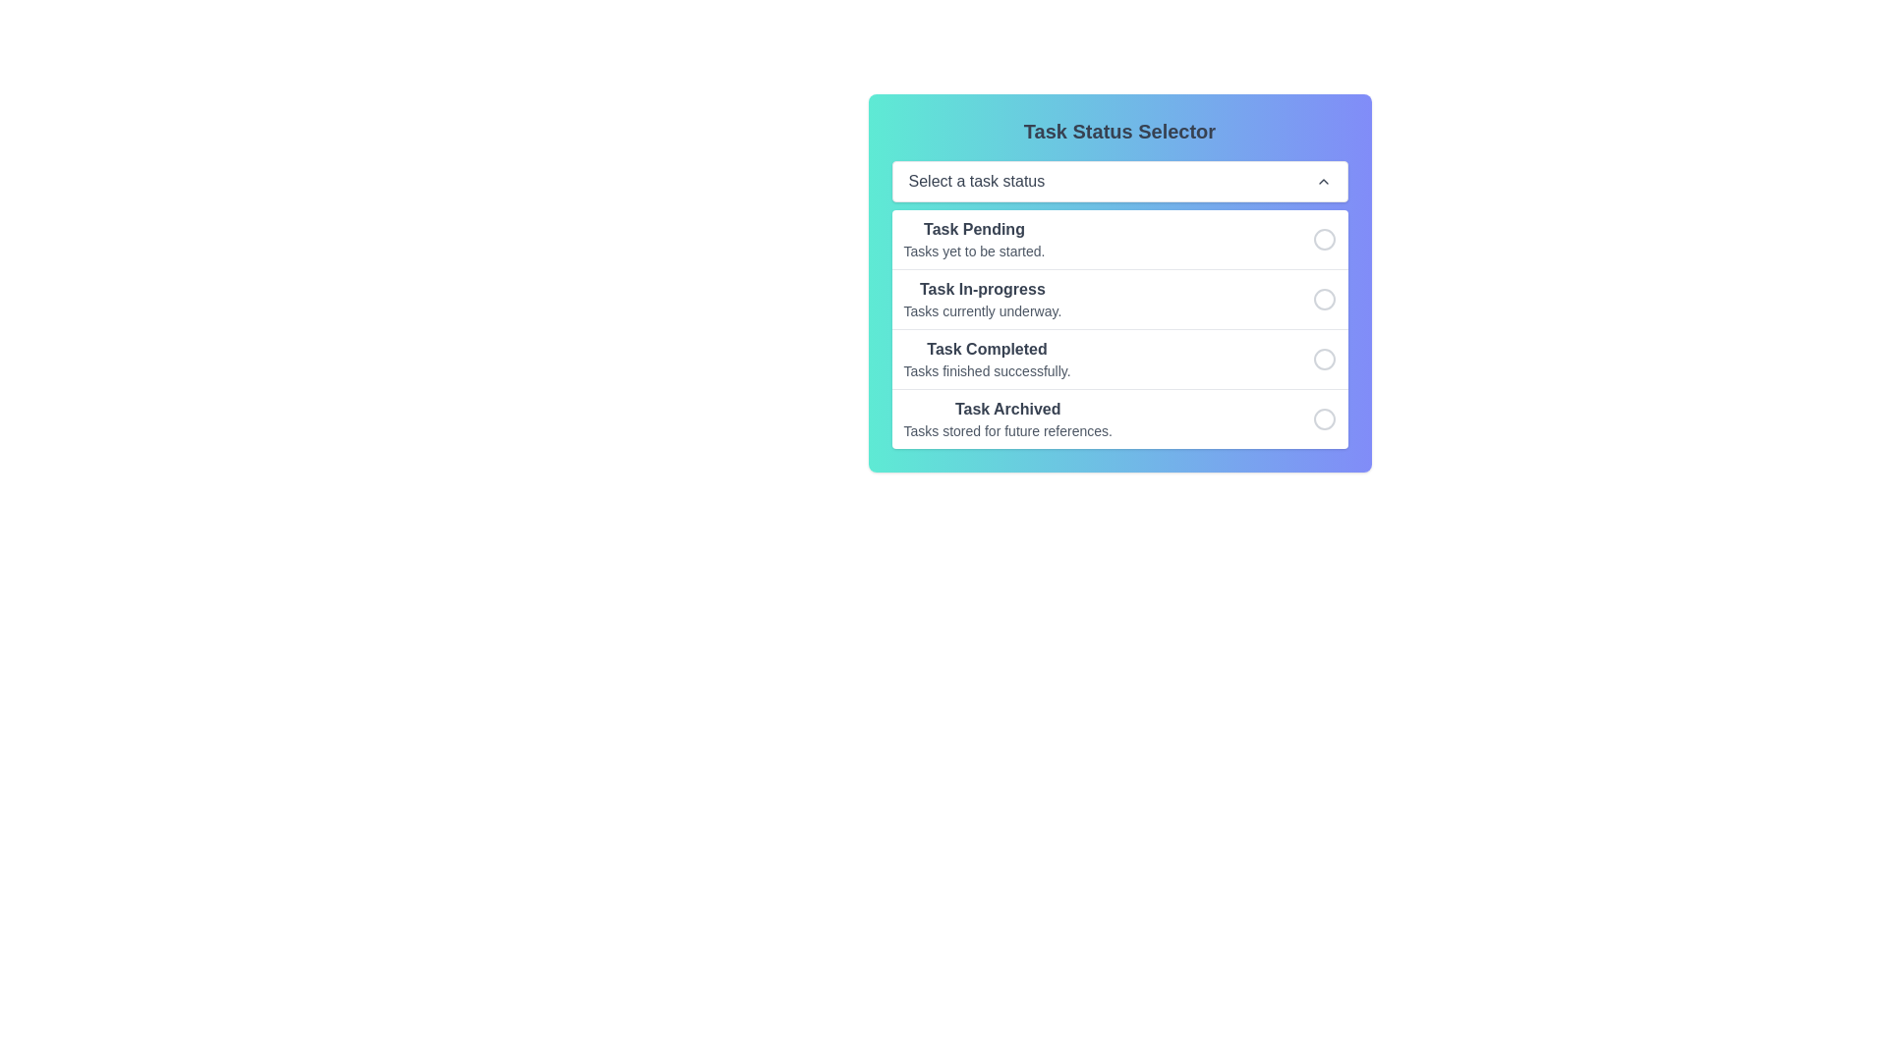 The width and height of the screenshot is (1887, 1061). What do you see at coordinates (1119, 418) in the screenshot?
I see `the fourth list item in the 'Task Status Selector' dropdown` at bounding box center [1119, 418].